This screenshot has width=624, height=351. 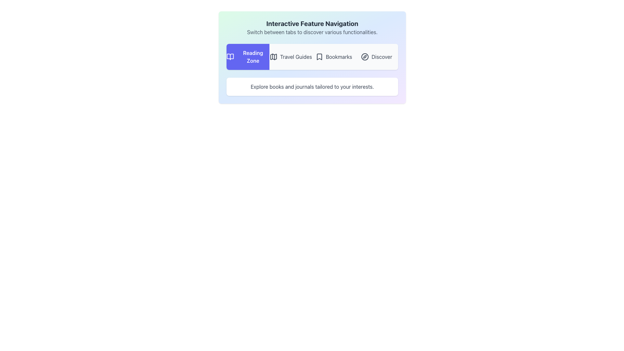 I want to click on text in the Text description area located below the interactive buttons (Reading Zone, Travel Guides, Bookmarks, Discover) on a light gradient background, so click(x=312, y=86).